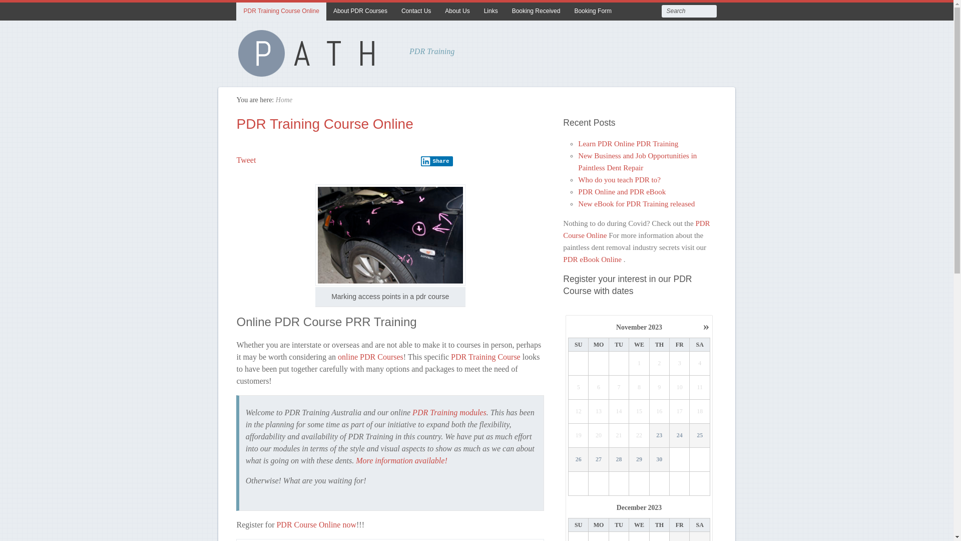  Describe the element at coordinates (589, 460) in the screenshot. I see `'27'` at that location.